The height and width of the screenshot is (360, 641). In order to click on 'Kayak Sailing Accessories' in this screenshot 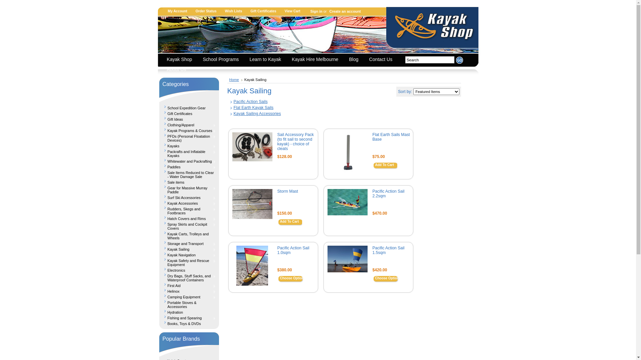, I will do `click(257, 113)`.